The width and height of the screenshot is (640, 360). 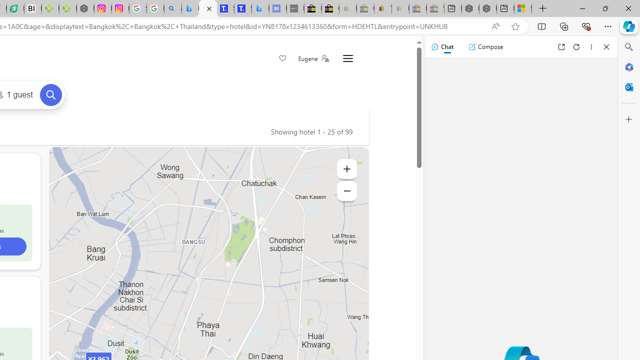 I want to click on 'Open link in new tab', so click(x=561, y=46).